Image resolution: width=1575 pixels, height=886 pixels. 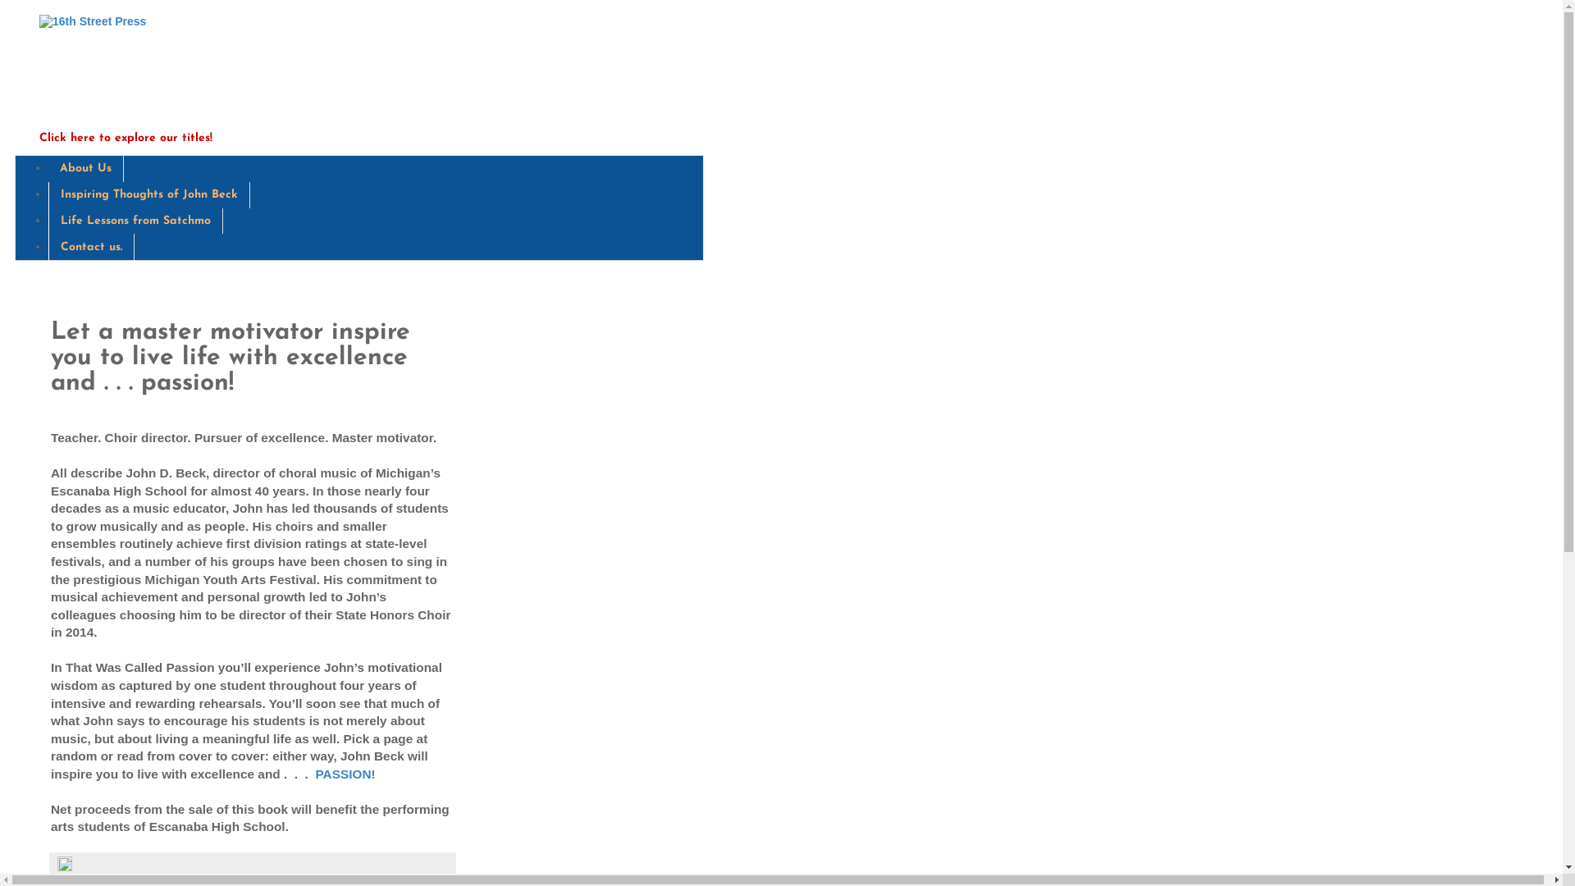 I want to click on 'About Us', so click(x=85, y=168).